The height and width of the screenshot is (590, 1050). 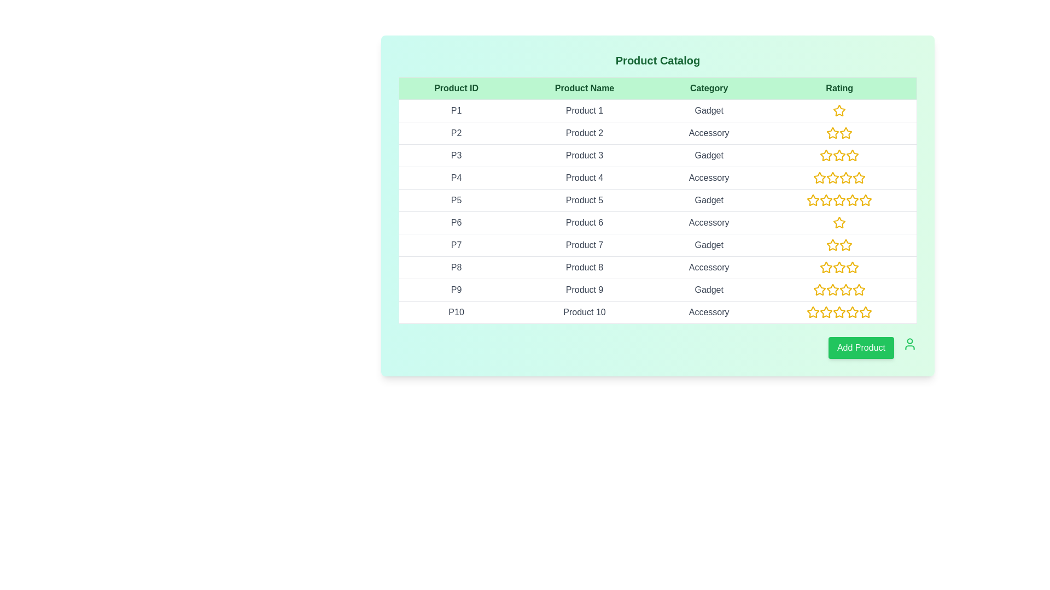 I want to click on the 'Add Product' button, so click(x=860, y=347).